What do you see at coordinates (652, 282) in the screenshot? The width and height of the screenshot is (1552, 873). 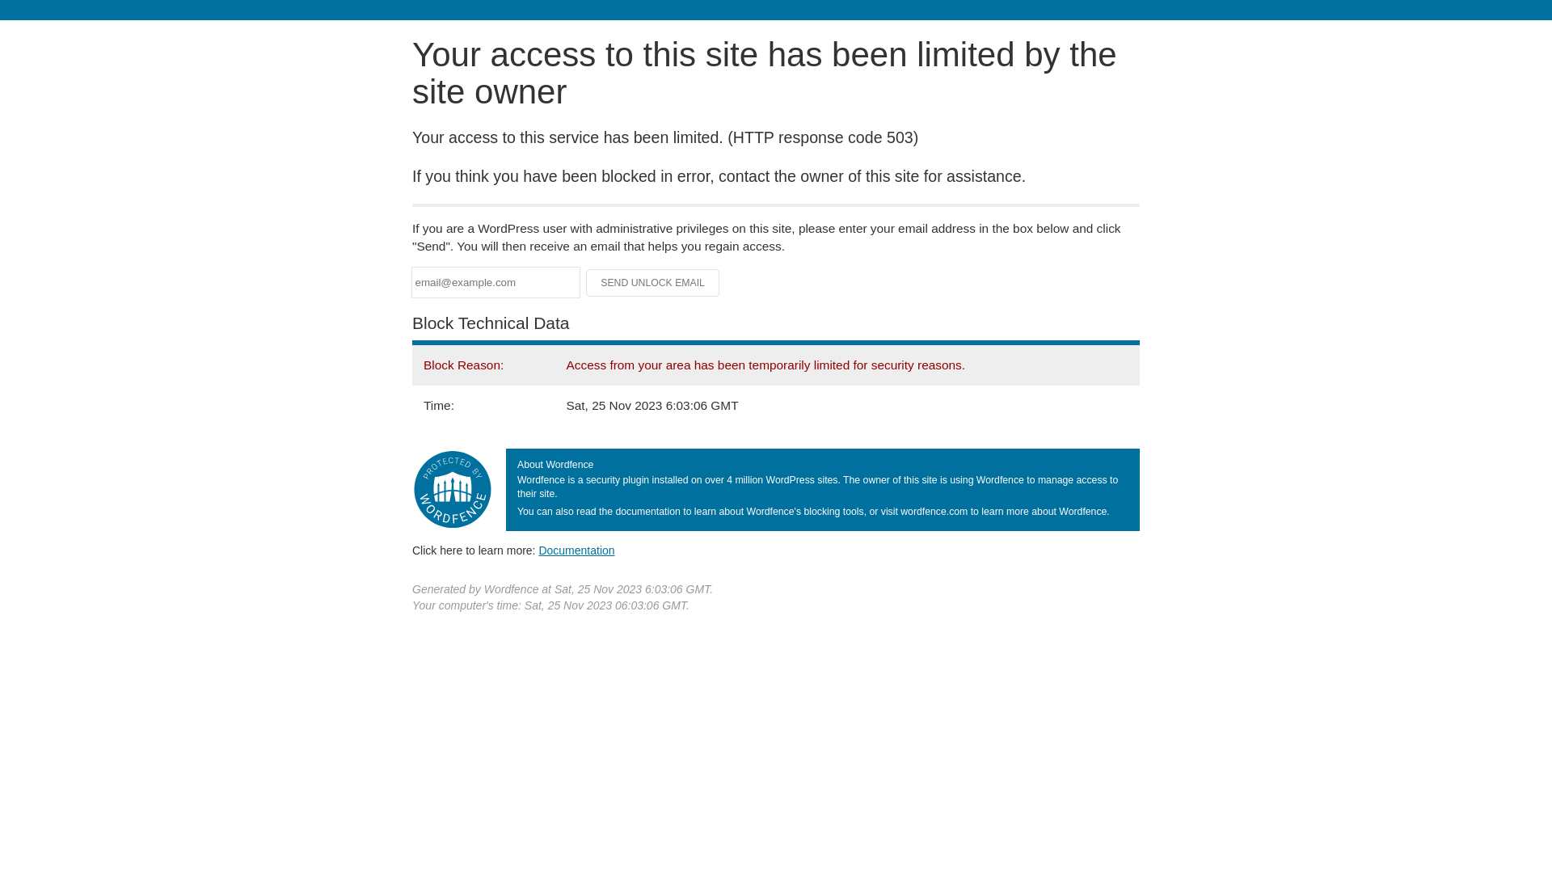 I see `'Send Unlock Email'` at bounding box center [652, 282].